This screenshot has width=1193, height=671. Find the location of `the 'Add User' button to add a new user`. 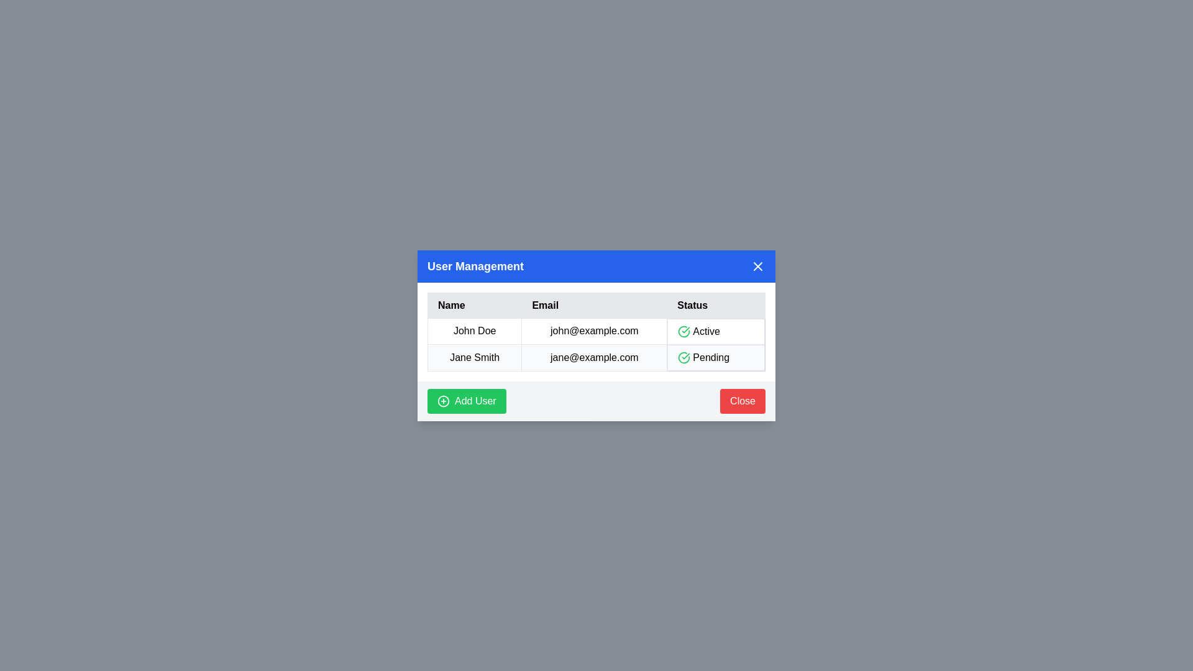

the 'Add User' button to add a new user is located at coordinates (465, 400).